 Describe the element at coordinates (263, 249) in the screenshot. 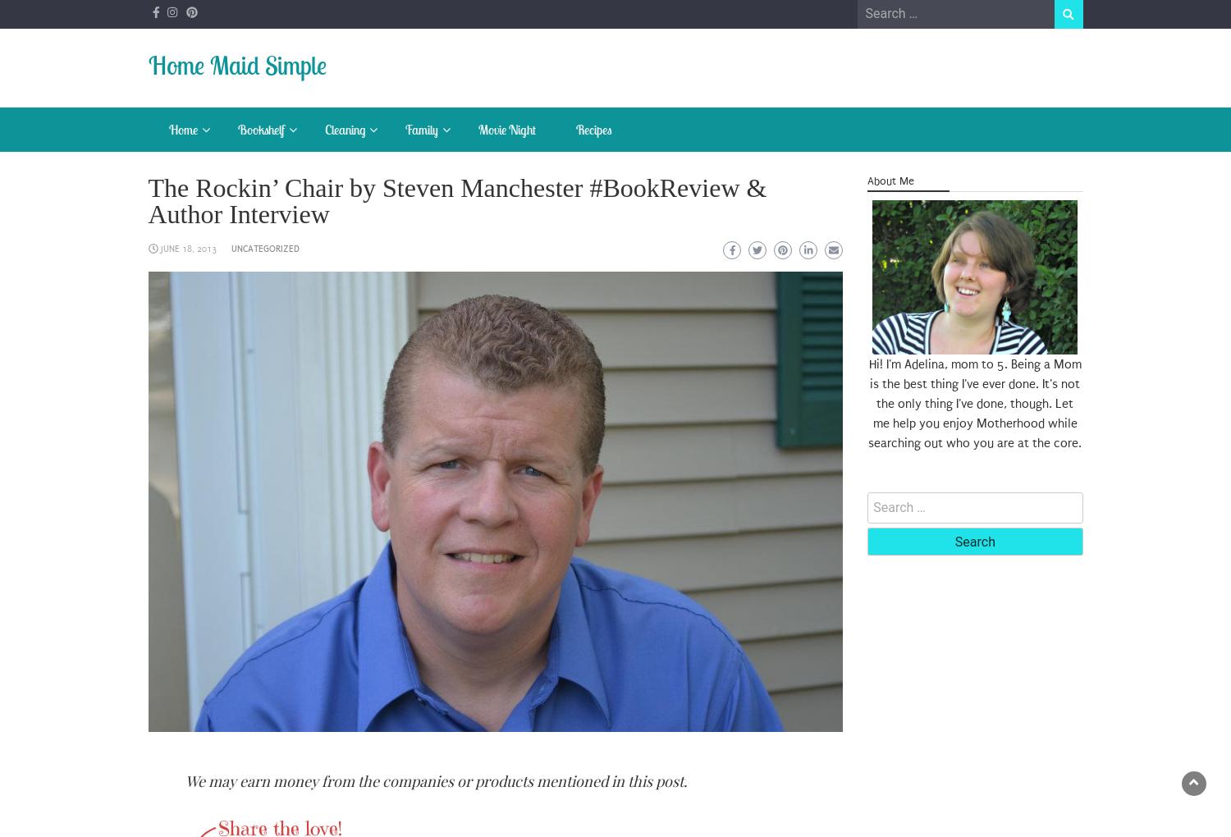

I see `'Uncategorized'` at that location.